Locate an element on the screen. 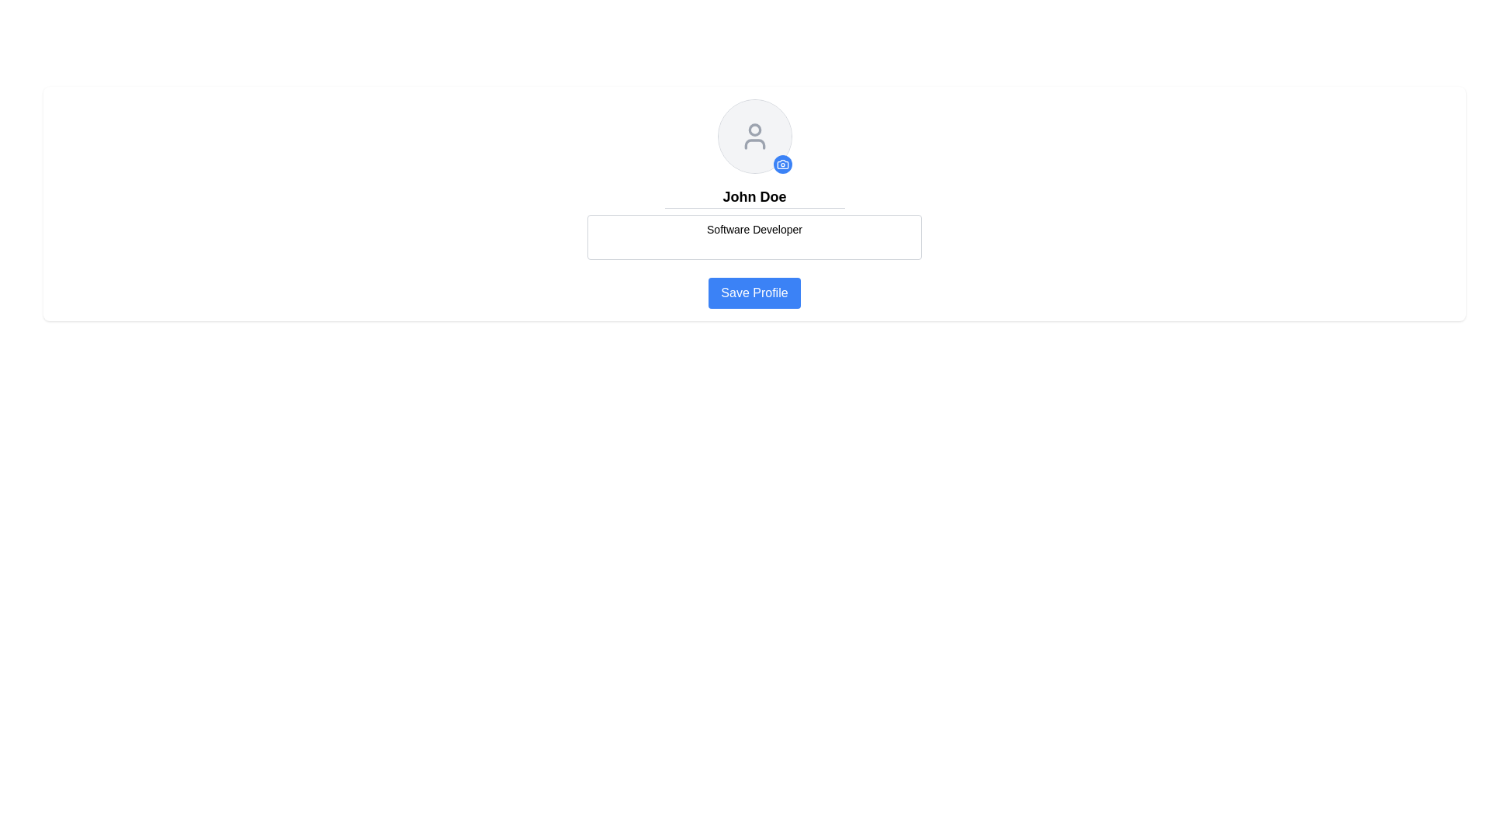 This screenshot has height=838, width=1490. the edit profile image button located at the bottom-right corner of the circular profile image is located at coordinates (782, 164).